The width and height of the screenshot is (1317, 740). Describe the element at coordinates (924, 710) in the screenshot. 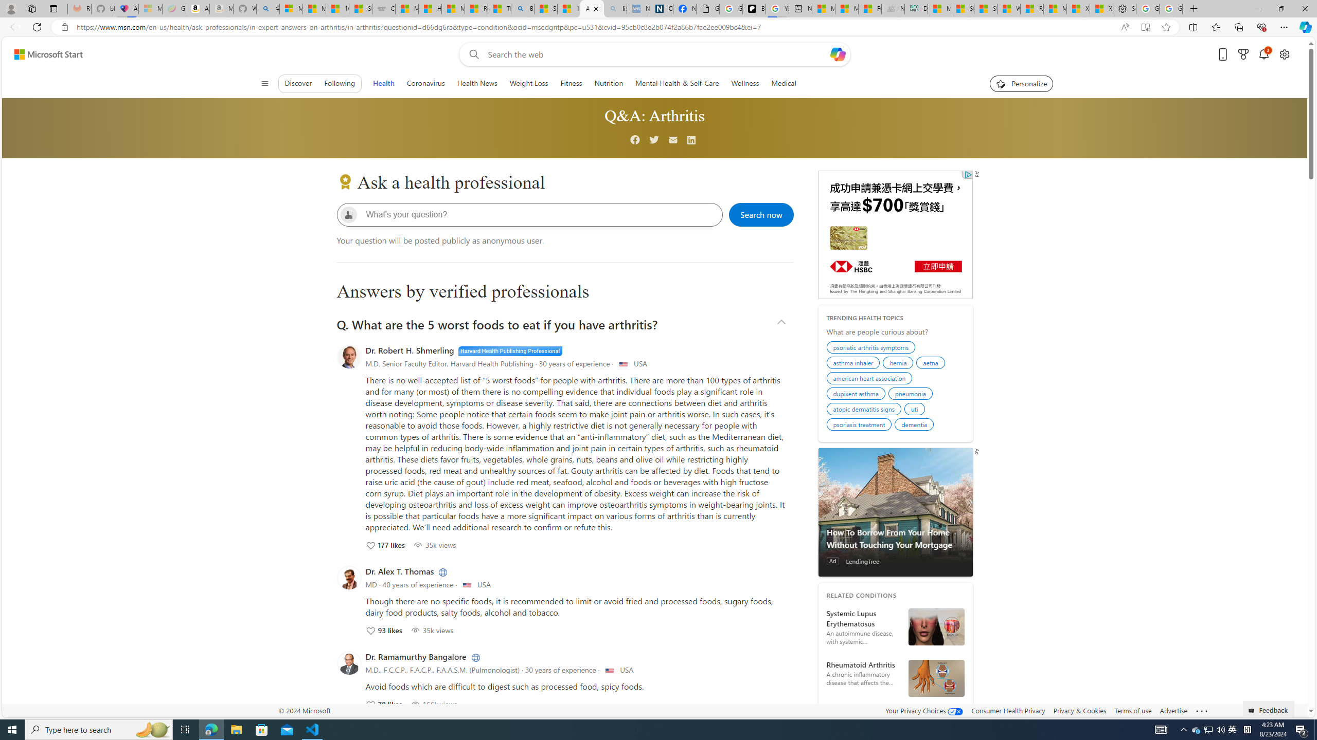

I see `'Your Privacy Choices'` at that location.